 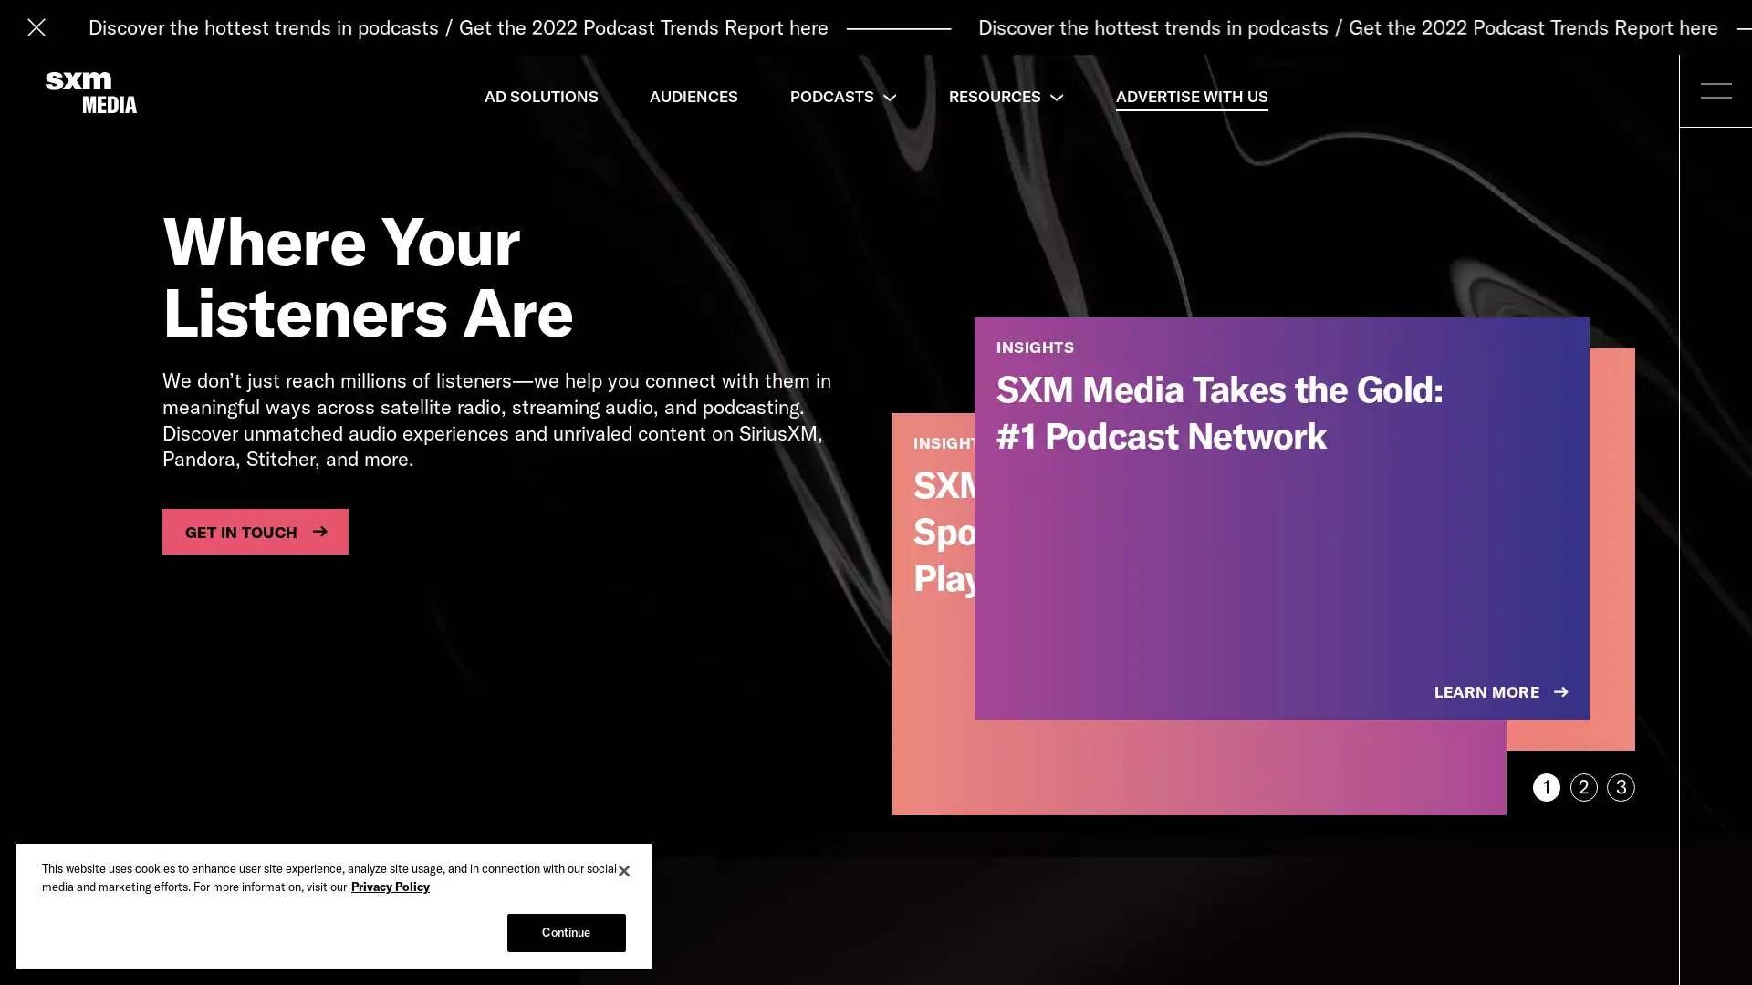 I want to click on 2, so click(x=1582, y=786).